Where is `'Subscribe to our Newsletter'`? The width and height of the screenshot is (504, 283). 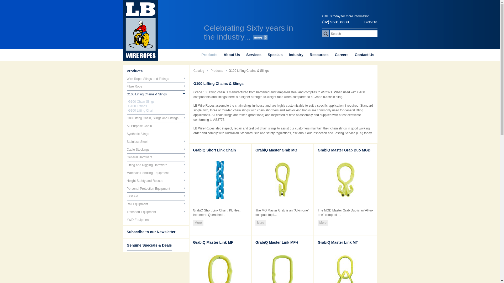 'Subscribe to our Newsletter' is located at coordinates (151, 231).